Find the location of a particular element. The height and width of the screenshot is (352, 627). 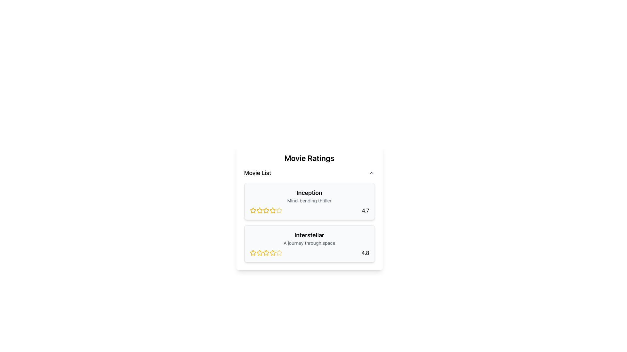

the visual state of the third star-shaped rating icon in the rating section for the 'Inception' movie card is located at coordinates (259, 210).